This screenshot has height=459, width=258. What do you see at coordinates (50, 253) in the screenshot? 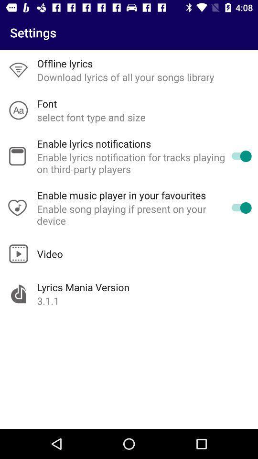
I see `the app above lyrics mania version` at bounding box center [50, 253].